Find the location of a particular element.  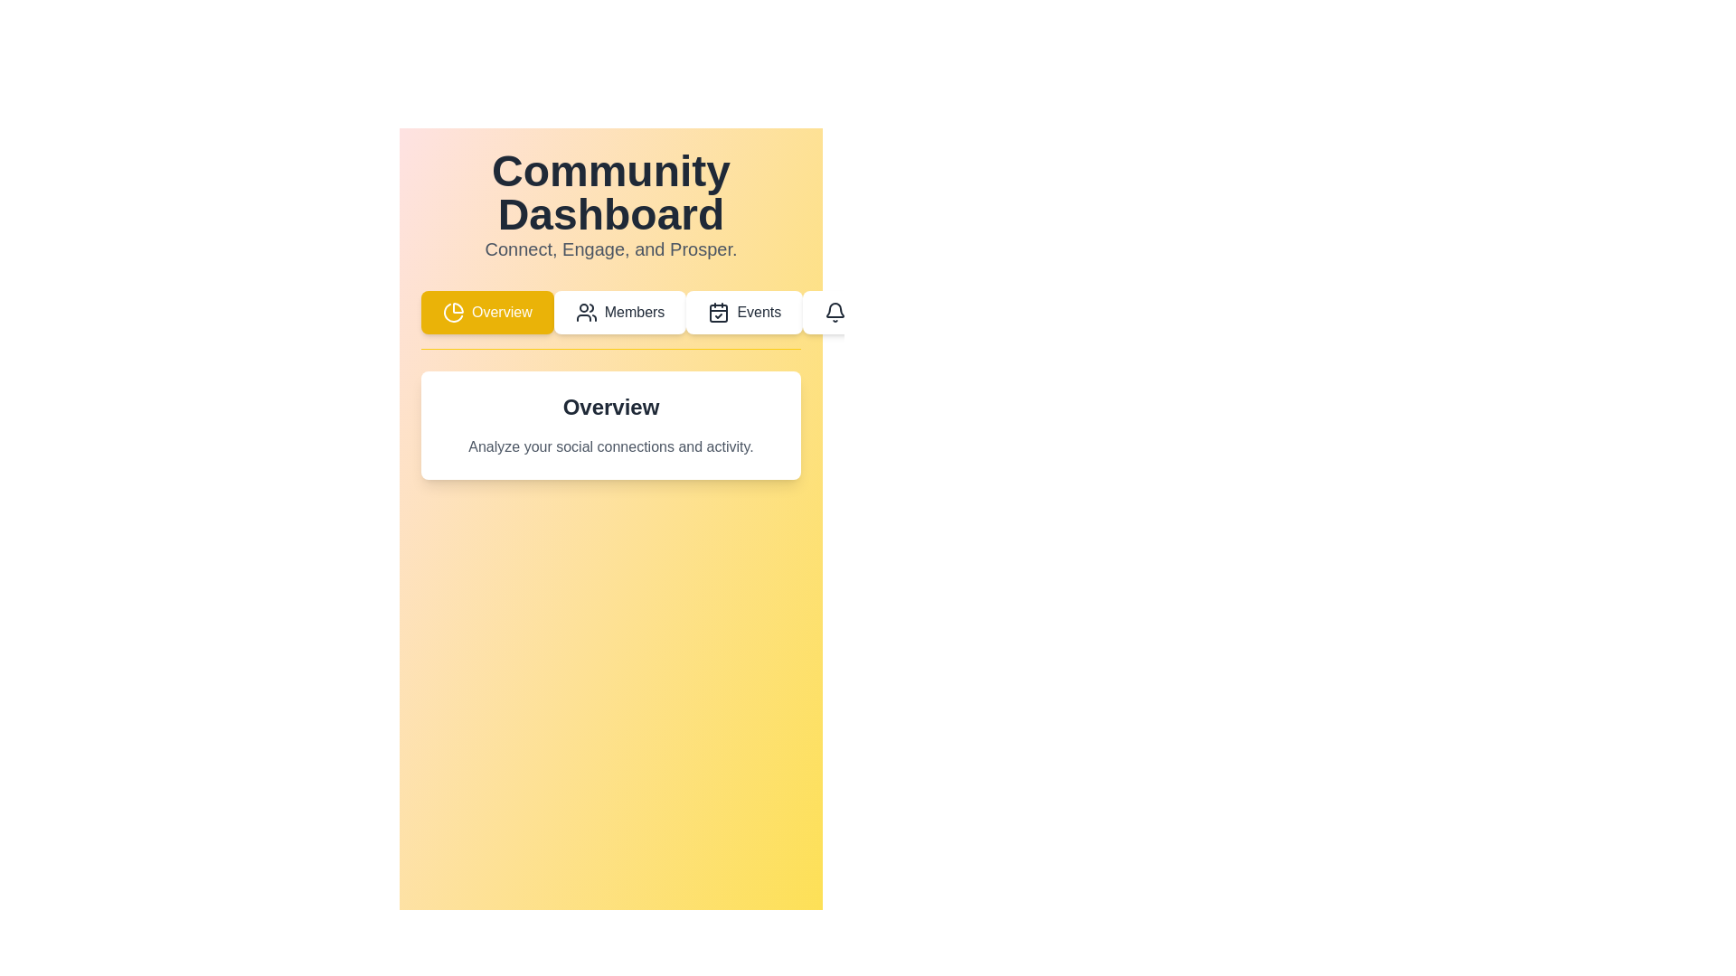

the button labeled Events is located at coordinates (745, 312).